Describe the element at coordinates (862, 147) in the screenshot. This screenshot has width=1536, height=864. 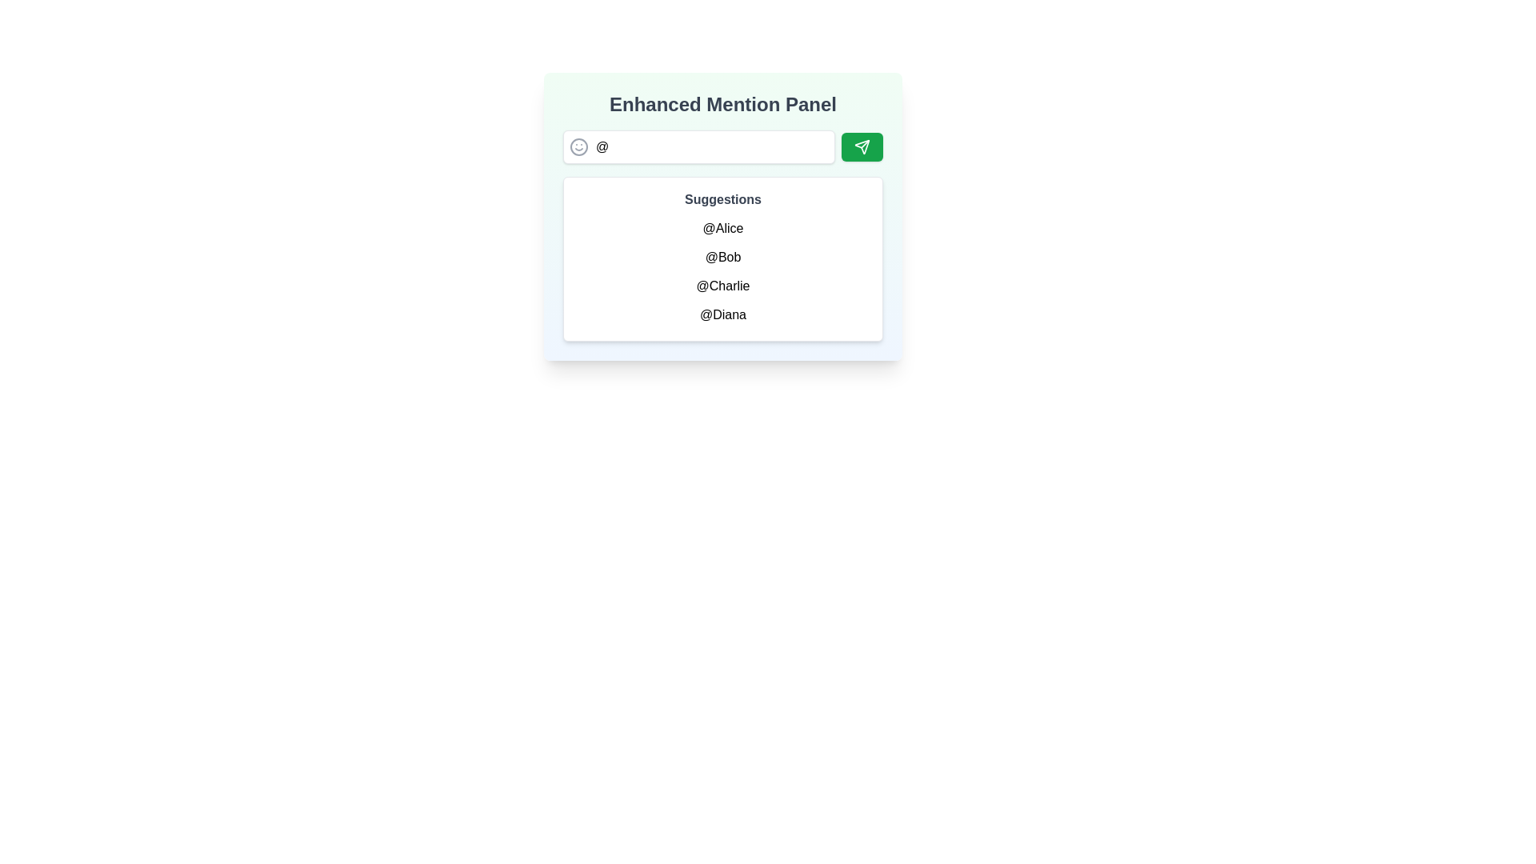
I see `the SVG Icon located inside the green button to the right of the input box in the Enhanced Mention Panel` at that location.